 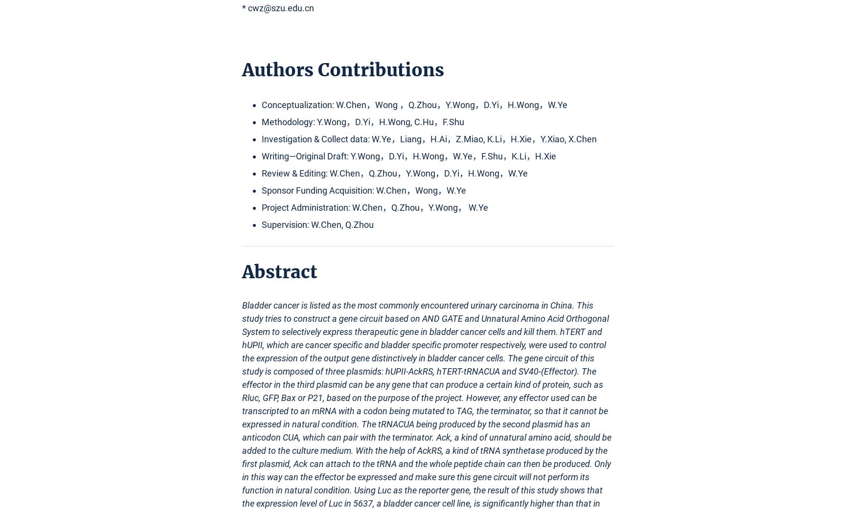 What do you see at coordinates (374, 207) in the screenshot?
I see `'Project Administration: W.Chen，Q.Zhou，Y.Wong， W.Ye'` at bounding box center [374, 207].